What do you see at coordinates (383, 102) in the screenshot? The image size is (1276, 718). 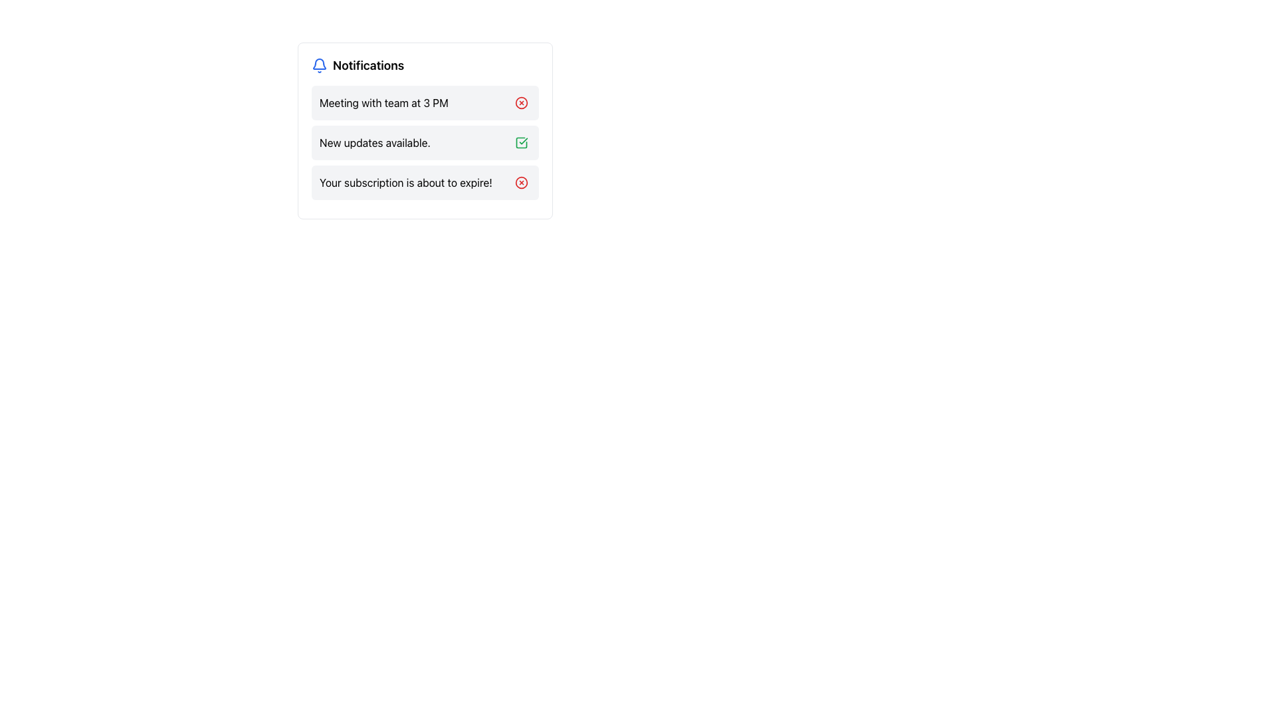 I see `the text label displaying 'Meeting with team at 3 PM' within the first notification item under the 'Notifications' header` at bounding box center [383, 102].